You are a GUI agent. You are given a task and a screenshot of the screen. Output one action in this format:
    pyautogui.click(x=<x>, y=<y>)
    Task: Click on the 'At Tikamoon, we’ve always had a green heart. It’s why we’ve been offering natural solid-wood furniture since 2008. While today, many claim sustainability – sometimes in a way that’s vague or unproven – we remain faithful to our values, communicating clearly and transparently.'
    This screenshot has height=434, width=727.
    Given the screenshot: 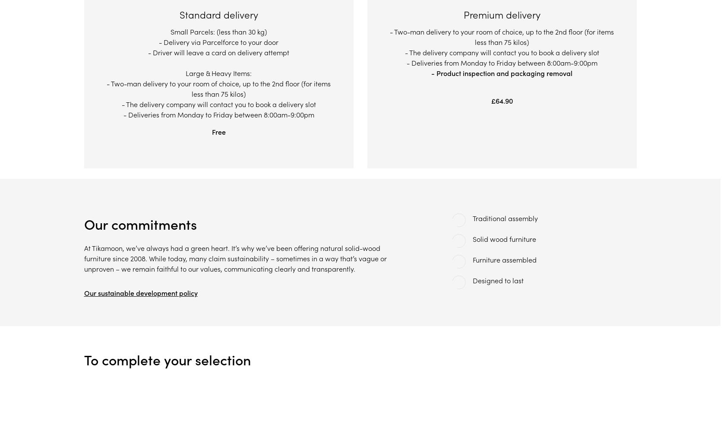 What is the action you would take?
    pyautogui.click(x=234, y=258)
    